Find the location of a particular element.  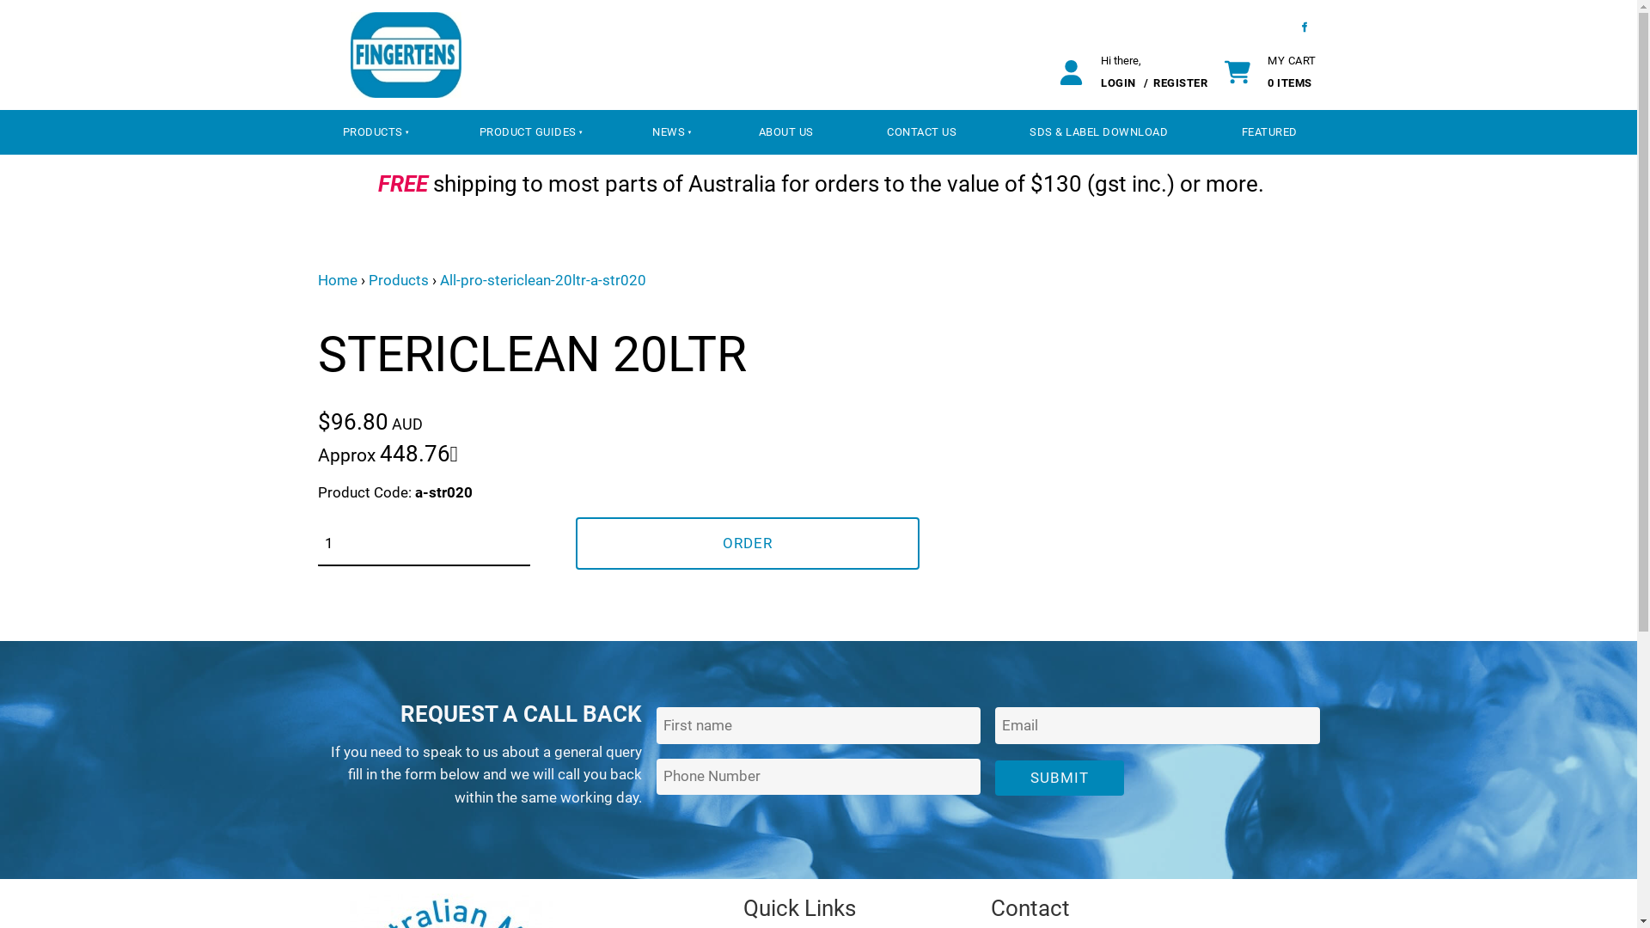

'PRODUCTS' is located at coordinates (370, 131).